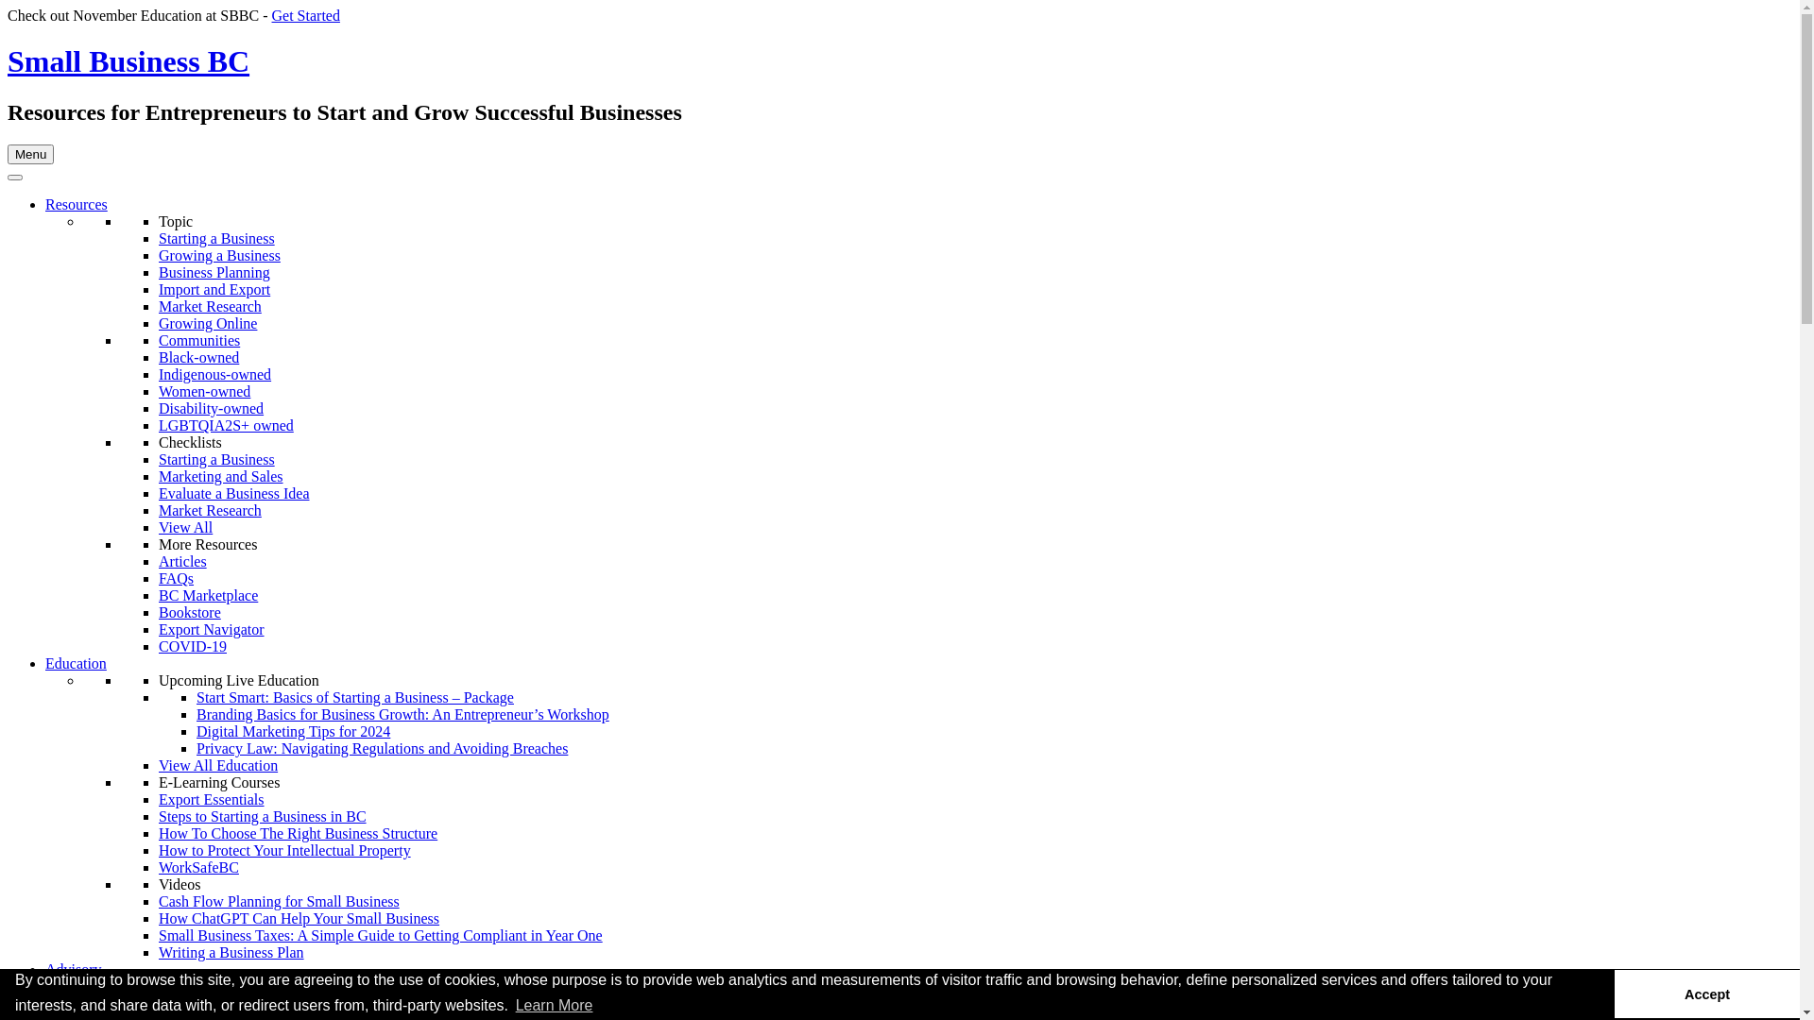 The width and height of the screenshot is (1814, 1020). Describe the element at coordinates (298, 917) in the screenshot. I see `'How ChatGPT Can Help Your Small Business'` at that location.